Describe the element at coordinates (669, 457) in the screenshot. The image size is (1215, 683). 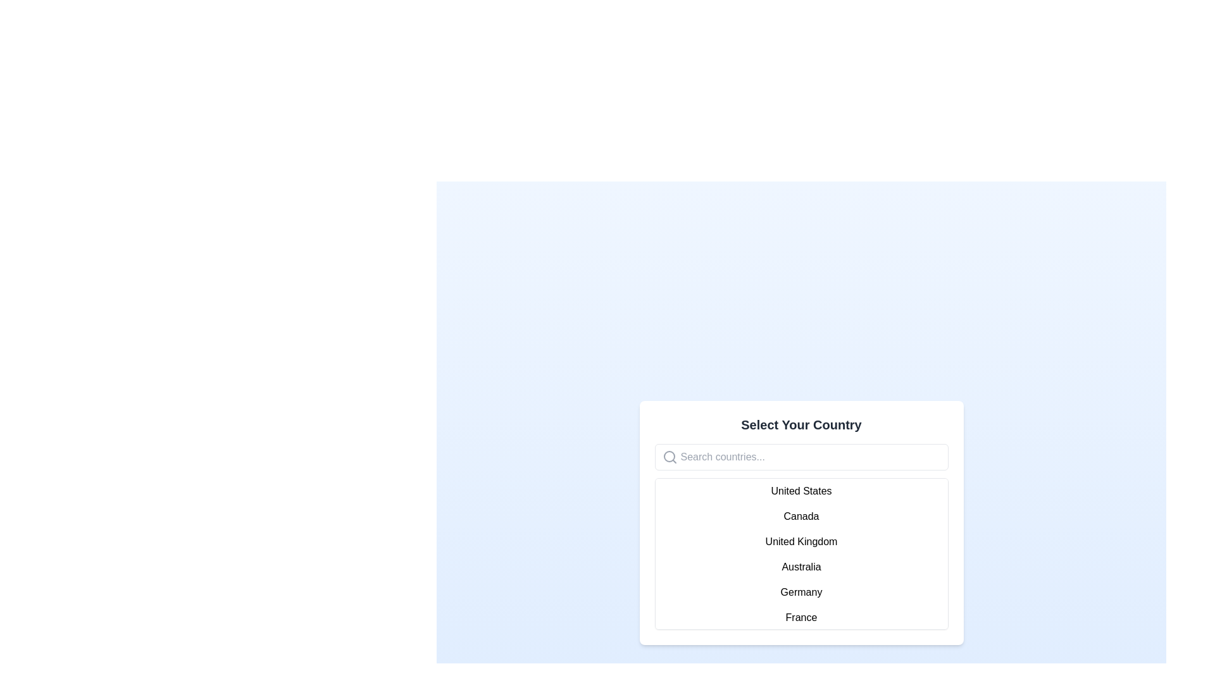
I see `the SVG icon indicating search functionality, which is positioned to the left of the input field in the search bar component` at that location.